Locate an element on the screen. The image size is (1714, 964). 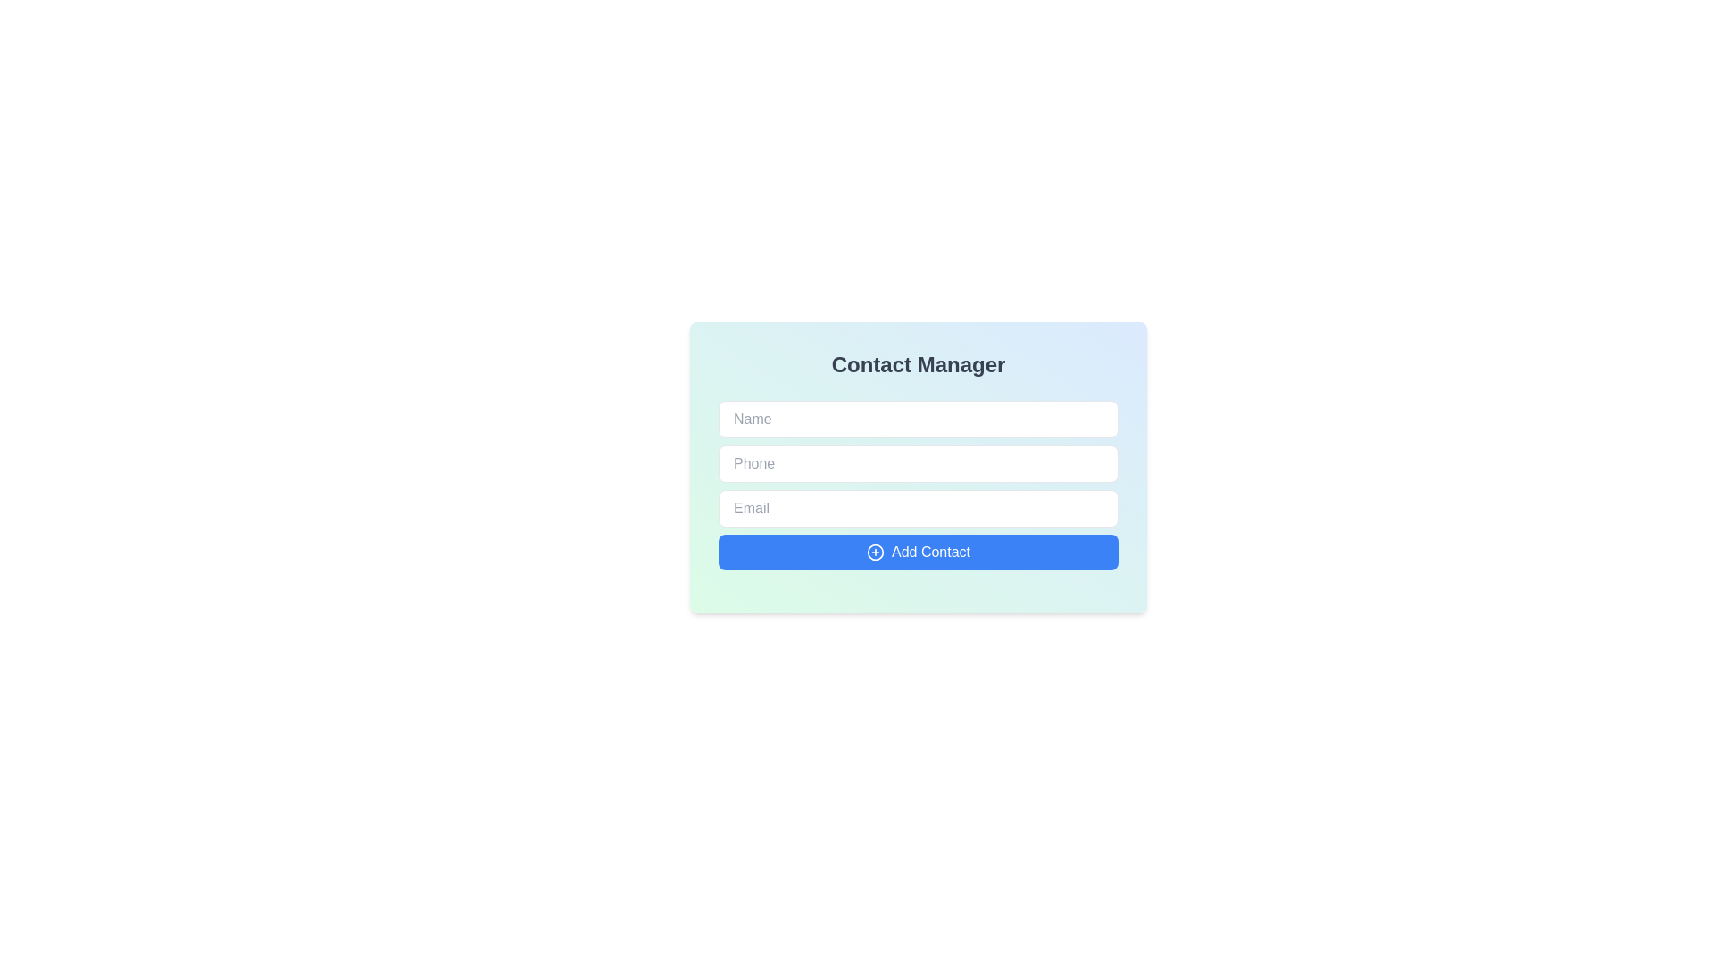
and clear the text input field for phone number, which is the second field in the form layout, by deleting any existing text is located at coordinates (918, 467).